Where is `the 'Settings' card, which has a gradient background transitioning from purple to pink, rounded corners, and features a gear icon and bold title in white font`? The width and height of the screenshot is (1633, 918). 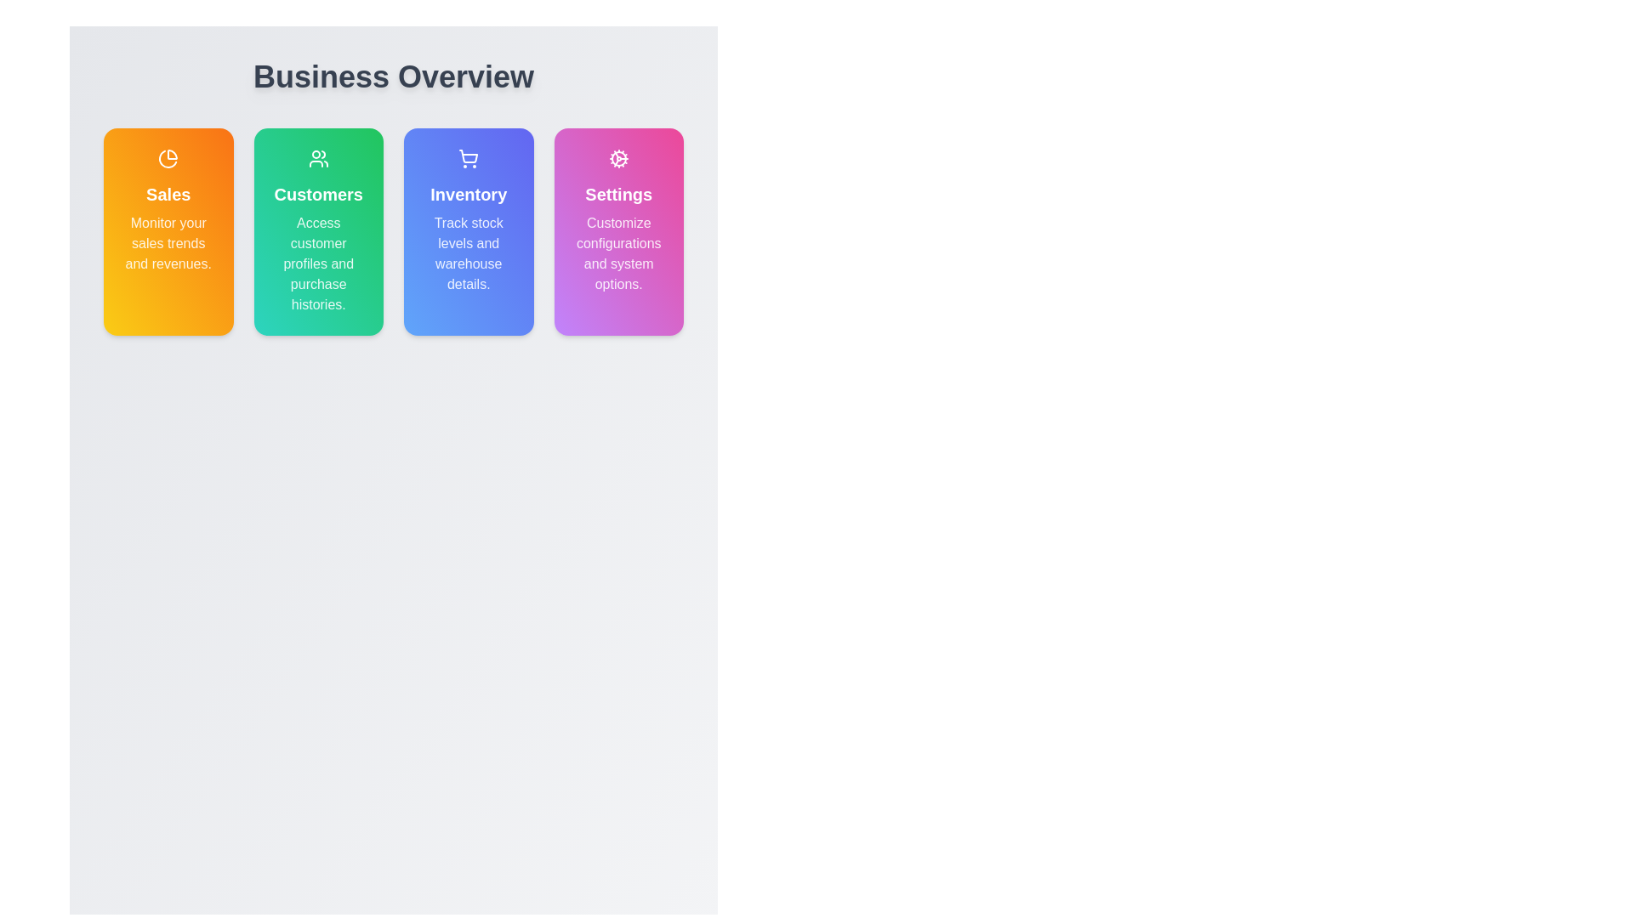
the 'Settings' card, which has a gradient background transitioning from purple to pink, rounded corners, and features a gear icon and bold title in white font is located at coordinates (617, 232).